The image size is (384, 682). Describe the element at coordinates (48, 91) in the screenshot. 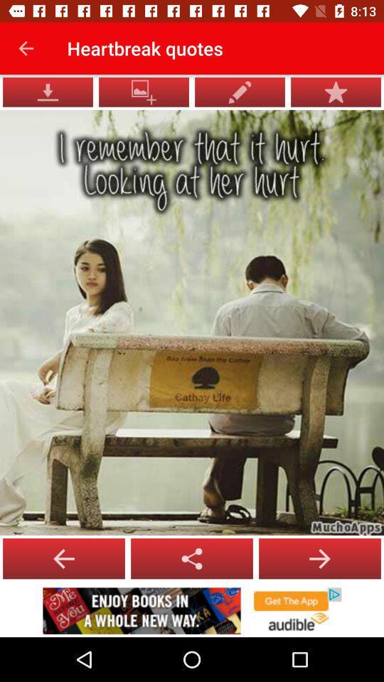

I see `the file_download icon` at that location.